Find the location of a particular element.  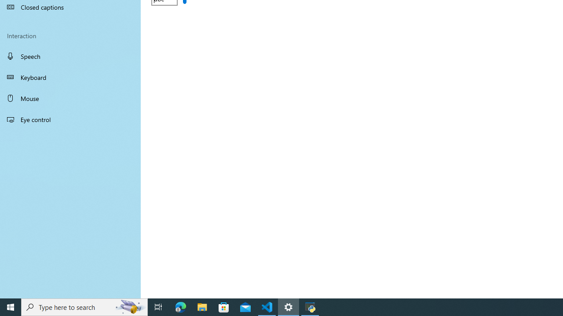

'Task View' is located at coordinates (158, 306).